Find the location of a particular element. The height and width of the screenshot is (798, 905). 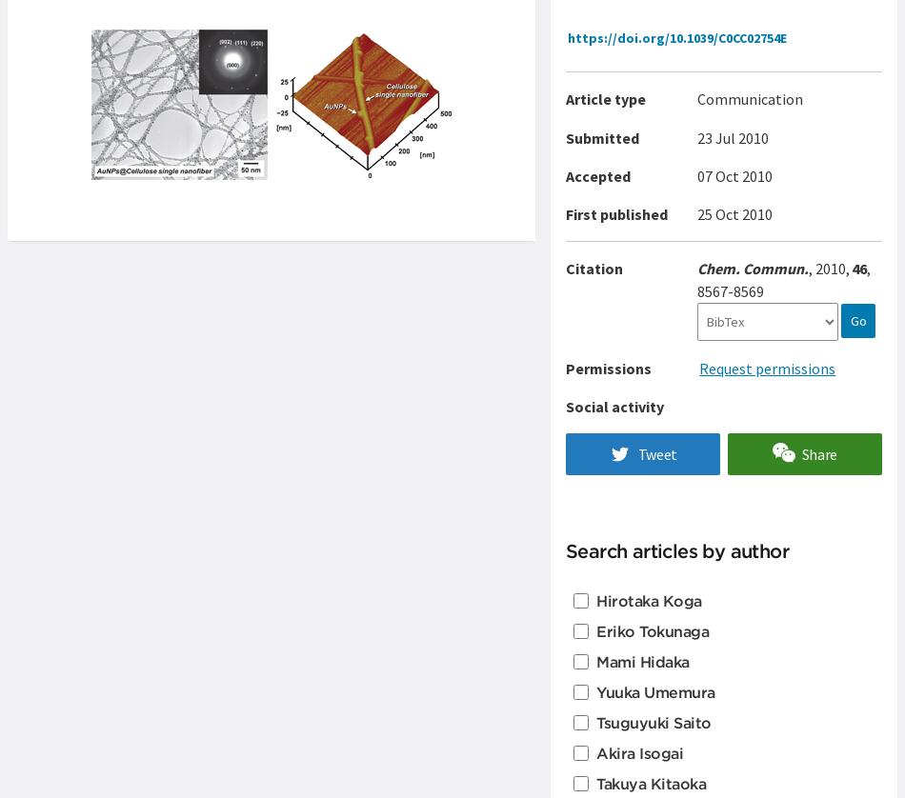

'07 Oct 2010' is located at coordinates (734, 176).